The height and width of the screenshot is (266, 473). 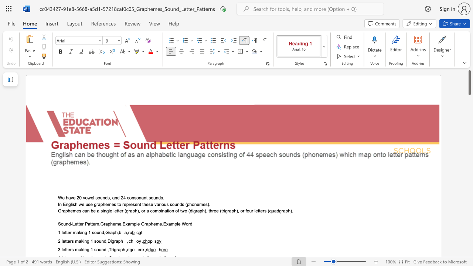 What do you see at coordinates (469, 181) in the screenshot?
I see `the scrollbar on the right to shift the page lower` at bounding box center [469, 181].